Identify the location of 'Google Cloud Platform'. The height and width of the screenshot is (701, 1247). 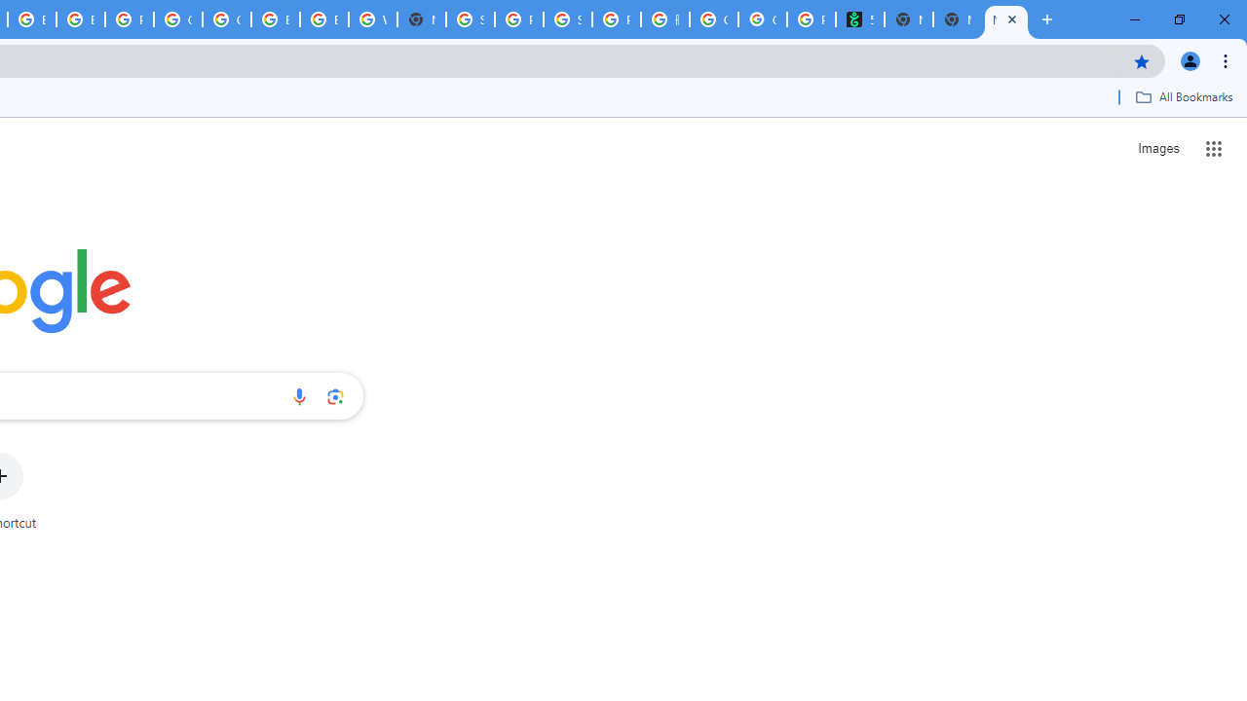
(226, 19).